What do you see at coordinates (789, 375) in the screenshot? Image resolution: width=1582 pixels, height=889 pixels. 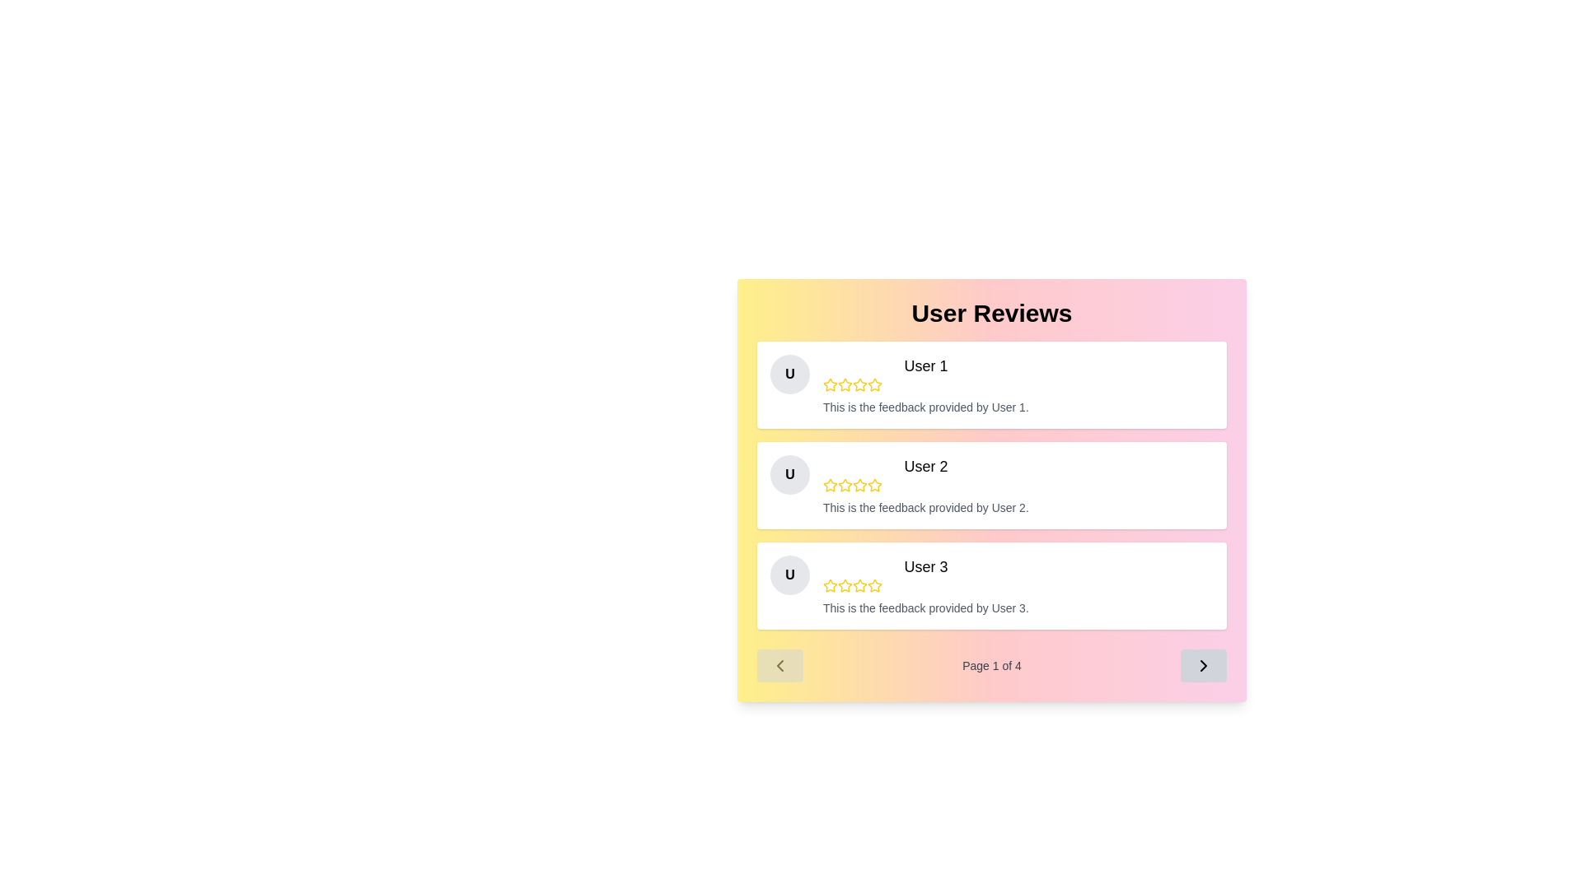 I see `the user avatar or badge located in the first review card of the 'User Reviews' section by moving the cursor to its center point` at bounding box center [789, 375].